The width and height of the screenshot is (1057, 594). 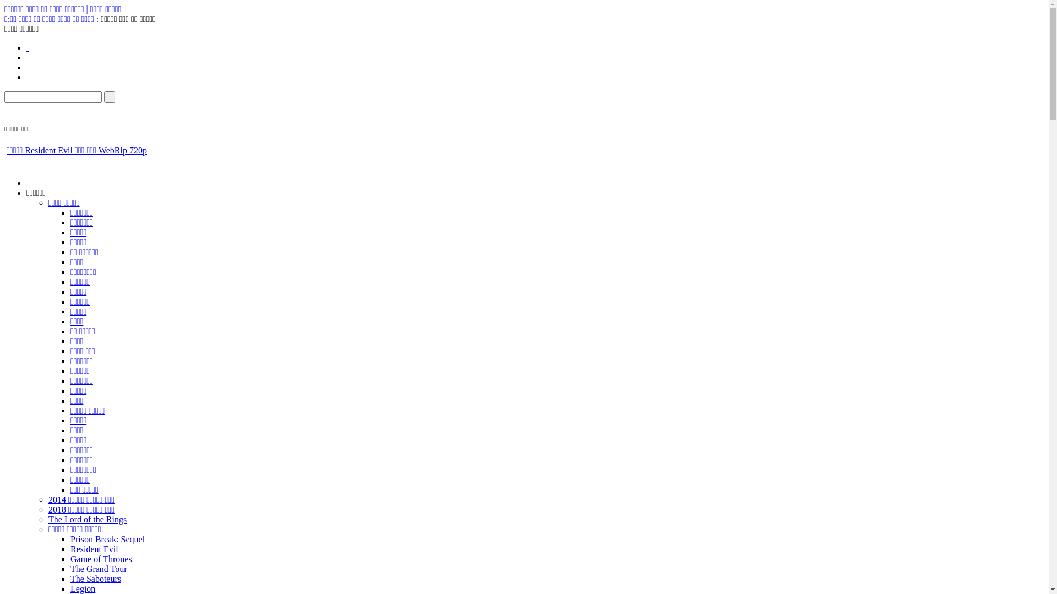 What do you see at coordinates (101, 559) in the screenshot?
I see `'Game of Thrones'` at bounding box center [101, 559].